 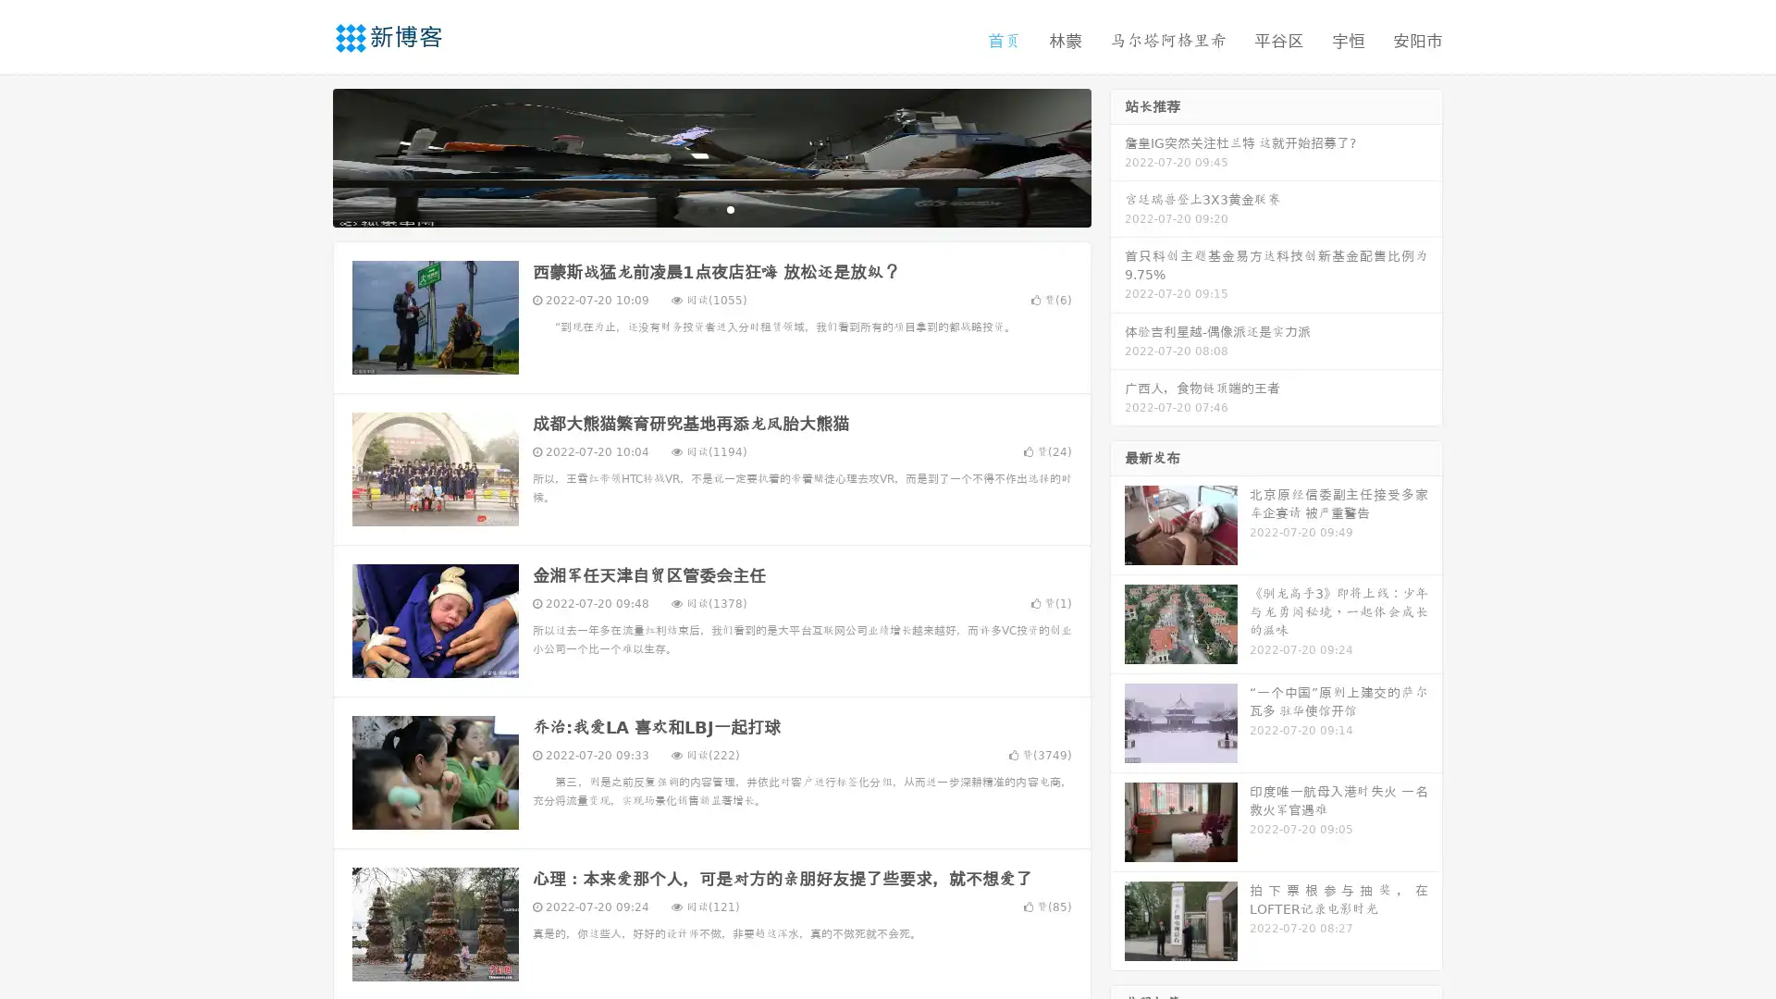 I want to click on Go to slide 3, so click(x=730, y=208).